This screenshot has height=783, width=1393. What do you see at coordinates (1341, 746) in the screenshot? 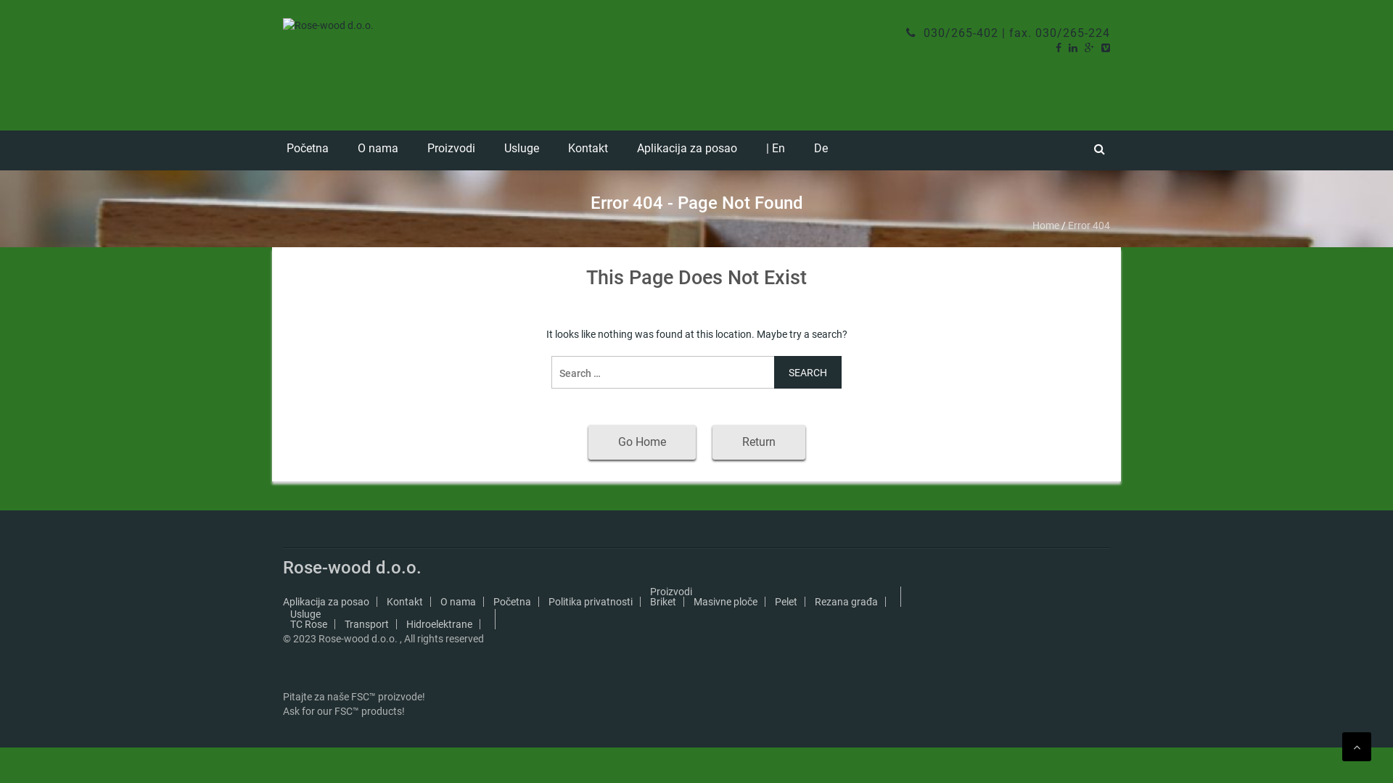
I see `'Go to Top'` at bounding box center [1341, 746].